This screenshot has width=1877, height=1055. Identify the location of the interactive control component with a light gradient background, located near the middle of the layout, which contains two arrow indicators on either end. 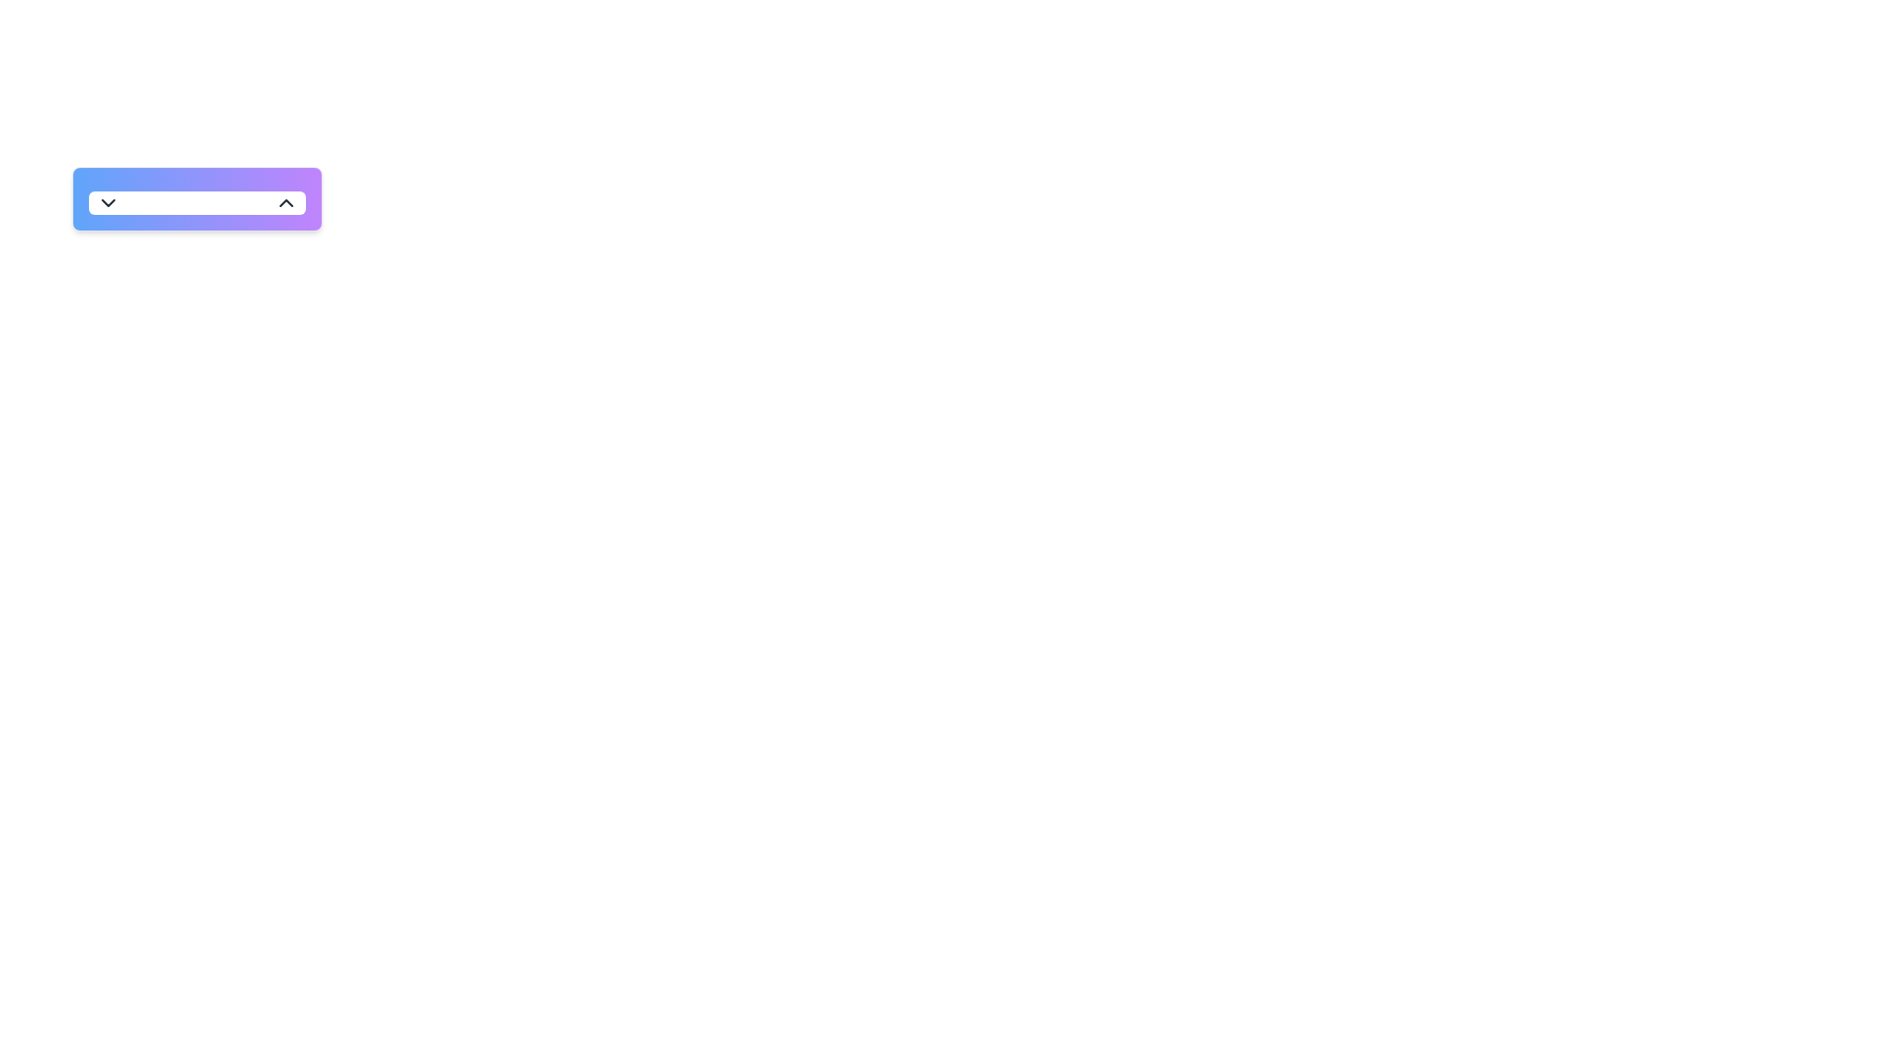
(196, 203).